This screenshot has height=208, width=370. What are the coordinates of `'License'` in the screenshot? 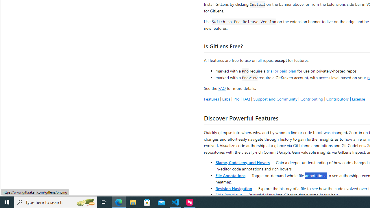 It's located at (358, 99).